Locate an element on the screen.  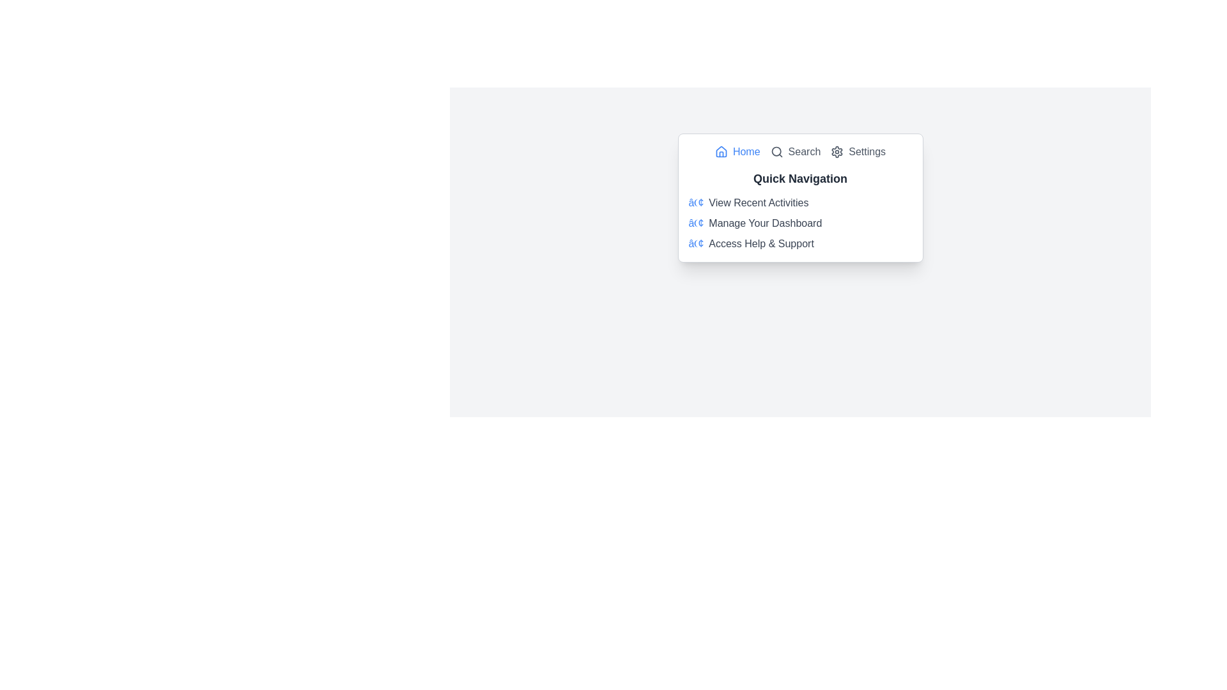
the gear-shaped settings icon located in the top-right corner of the navigation elements for keyboard navigation is located at coordinates (837, 151).